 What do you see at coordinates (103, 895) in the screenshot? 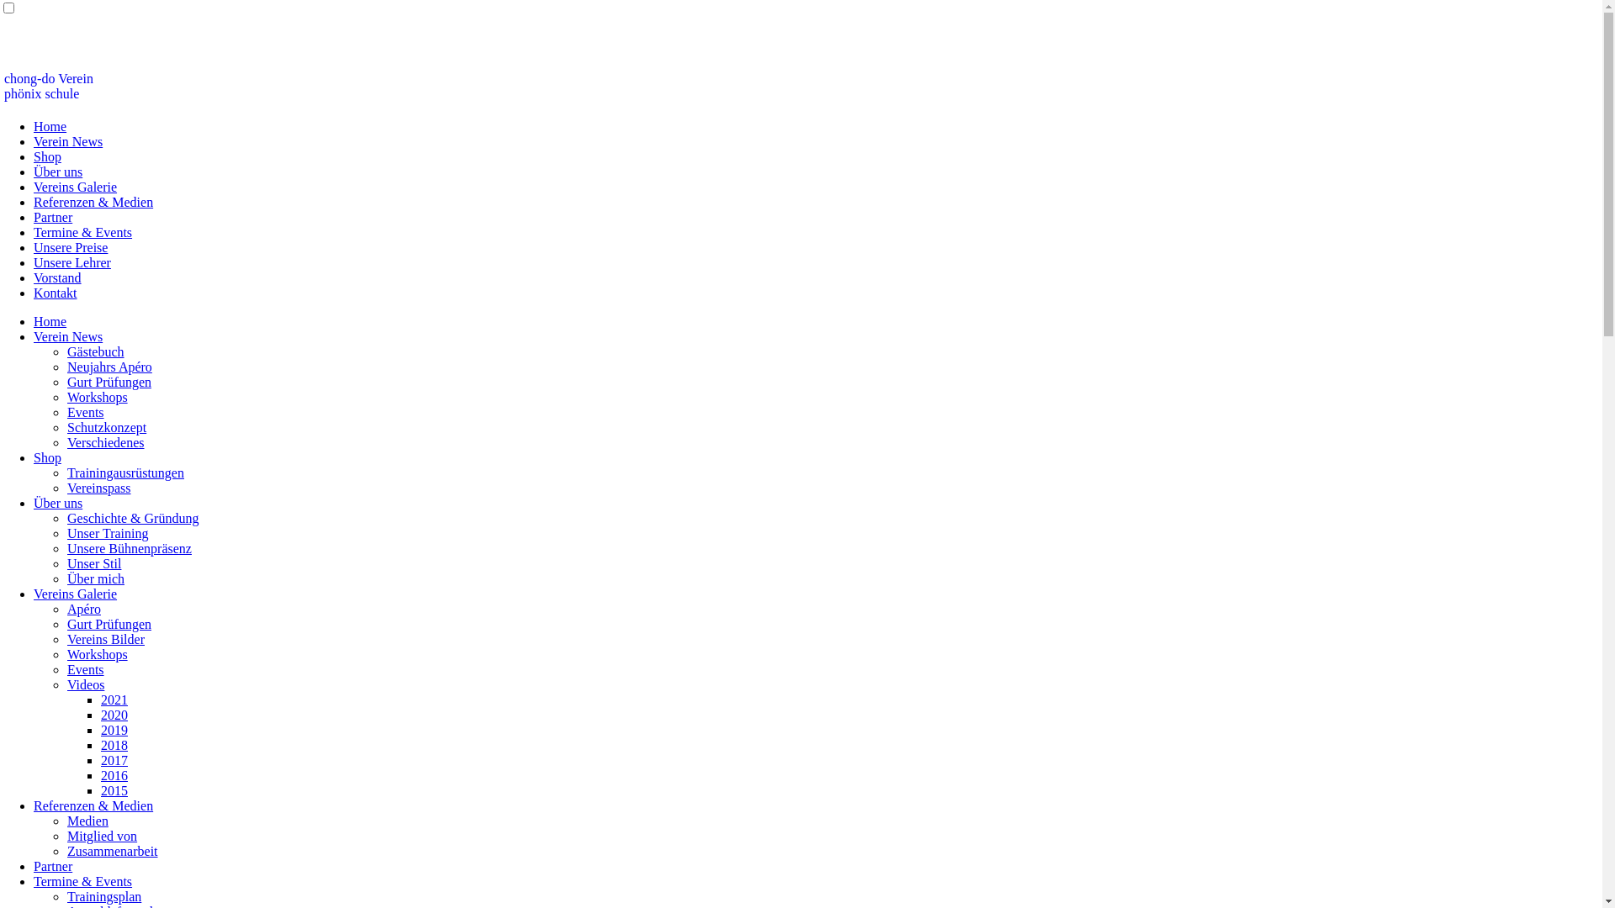
I see `'Trainingsplan'` at bounding box center [103, 895].